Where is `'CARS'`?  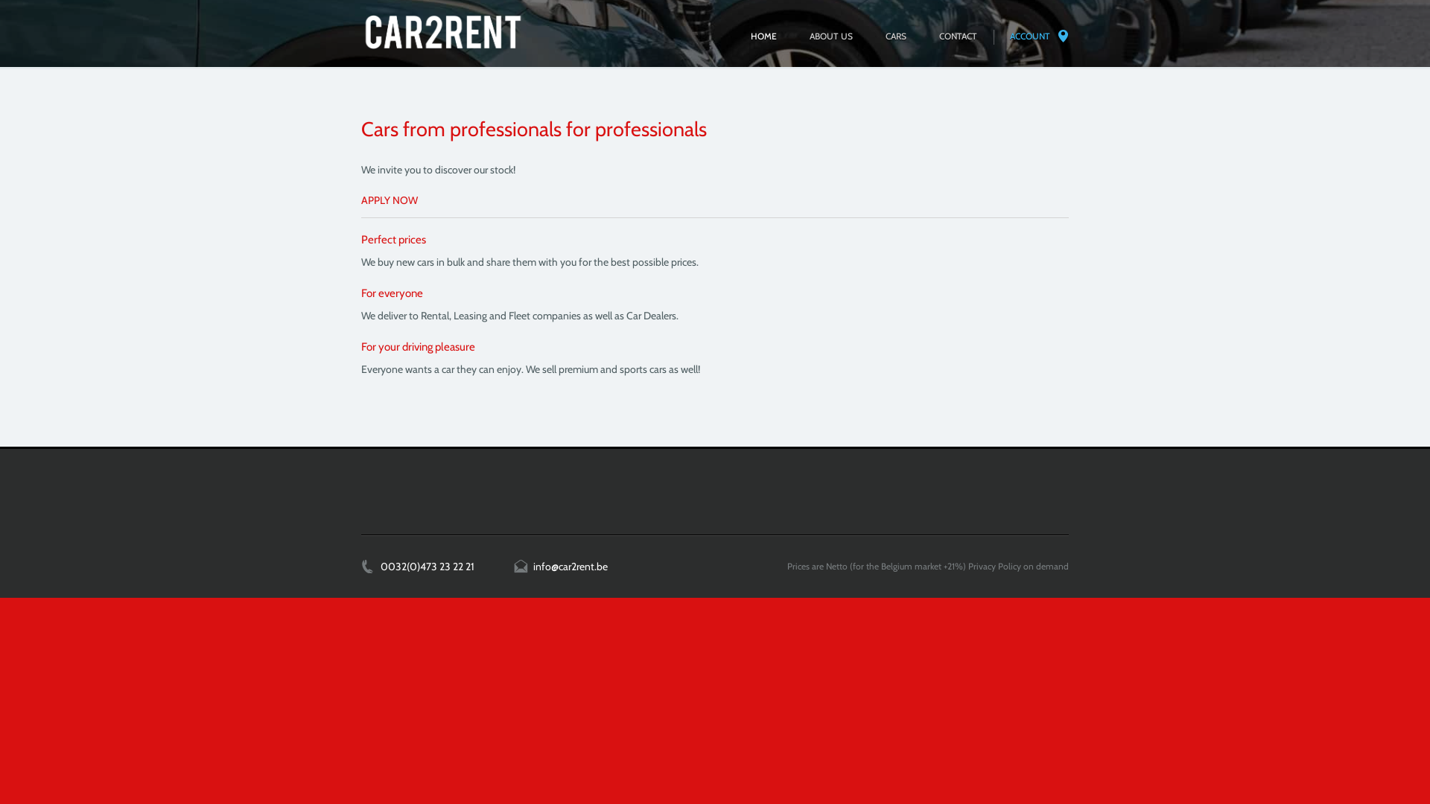 'CARS' is located at coordinates (895, 36).